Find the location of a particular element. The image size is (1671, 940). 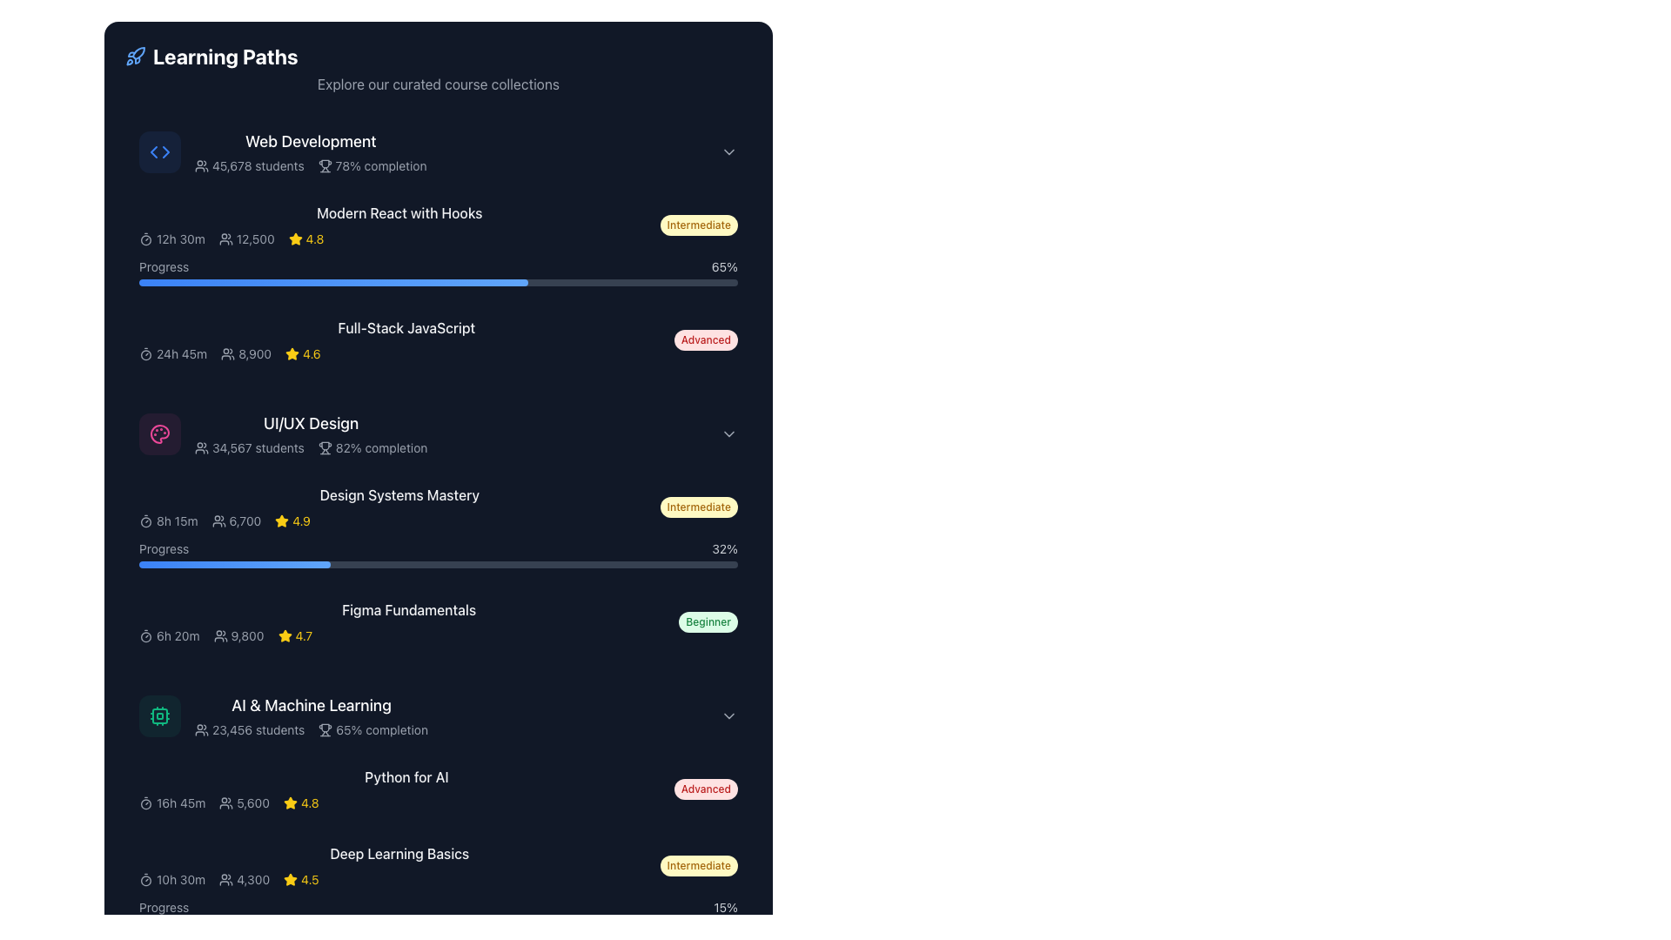

the timer icon representing the duration '12h 30m' in the course card for 'Modern React with Hooks' is located at coordinates (146, 238).